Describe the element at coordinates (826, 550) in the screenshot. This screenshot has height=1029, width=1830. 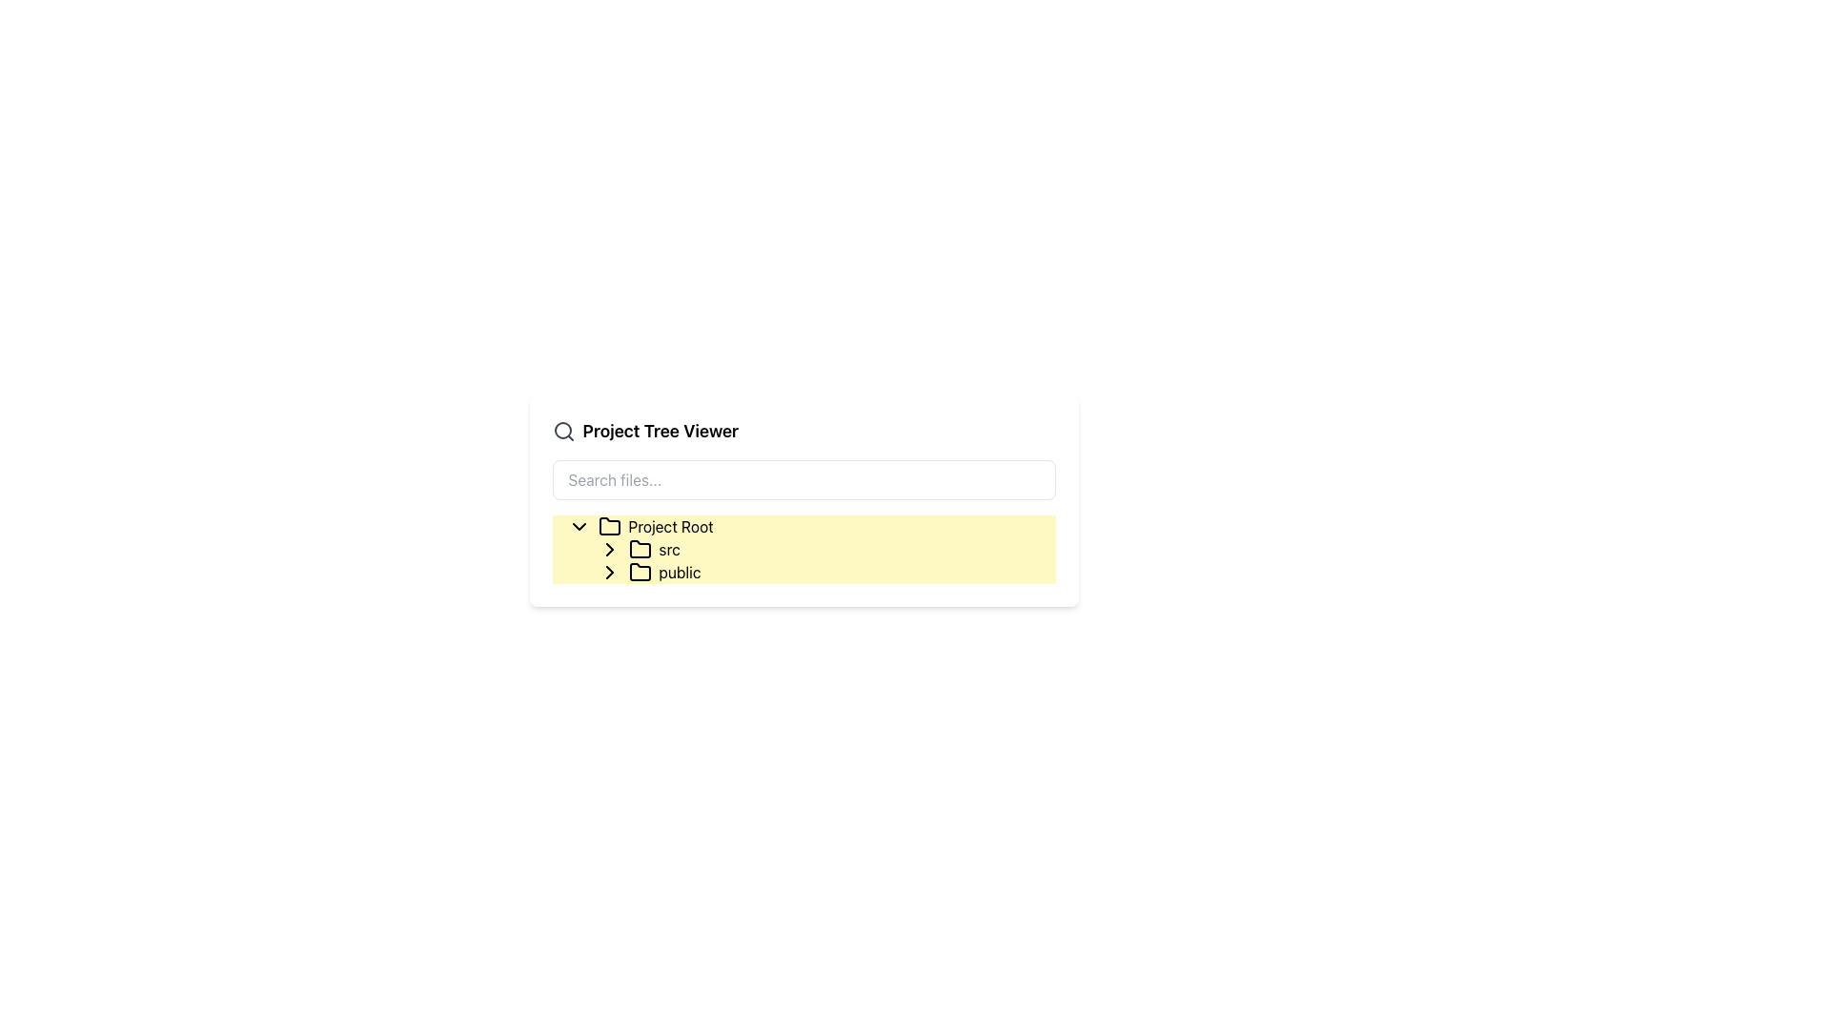
I see `the 'src' folder row in the file tree structure` at that location.